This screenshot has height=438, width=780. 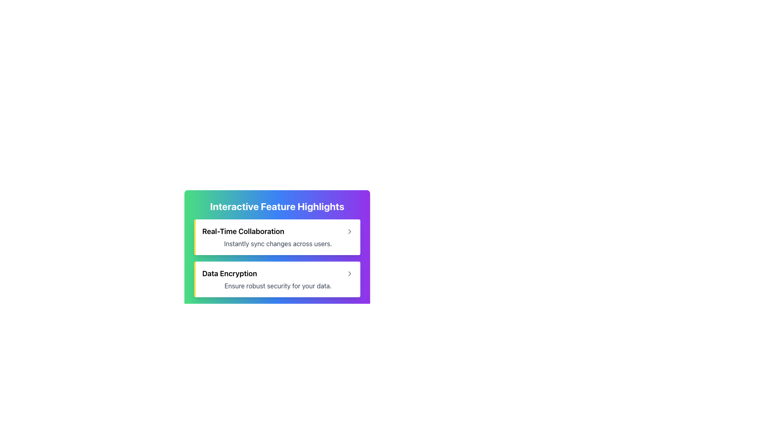 I want to click on the first card in the vertical stack titled 'Real-Time Collaboration', so click(x=277, y=237).